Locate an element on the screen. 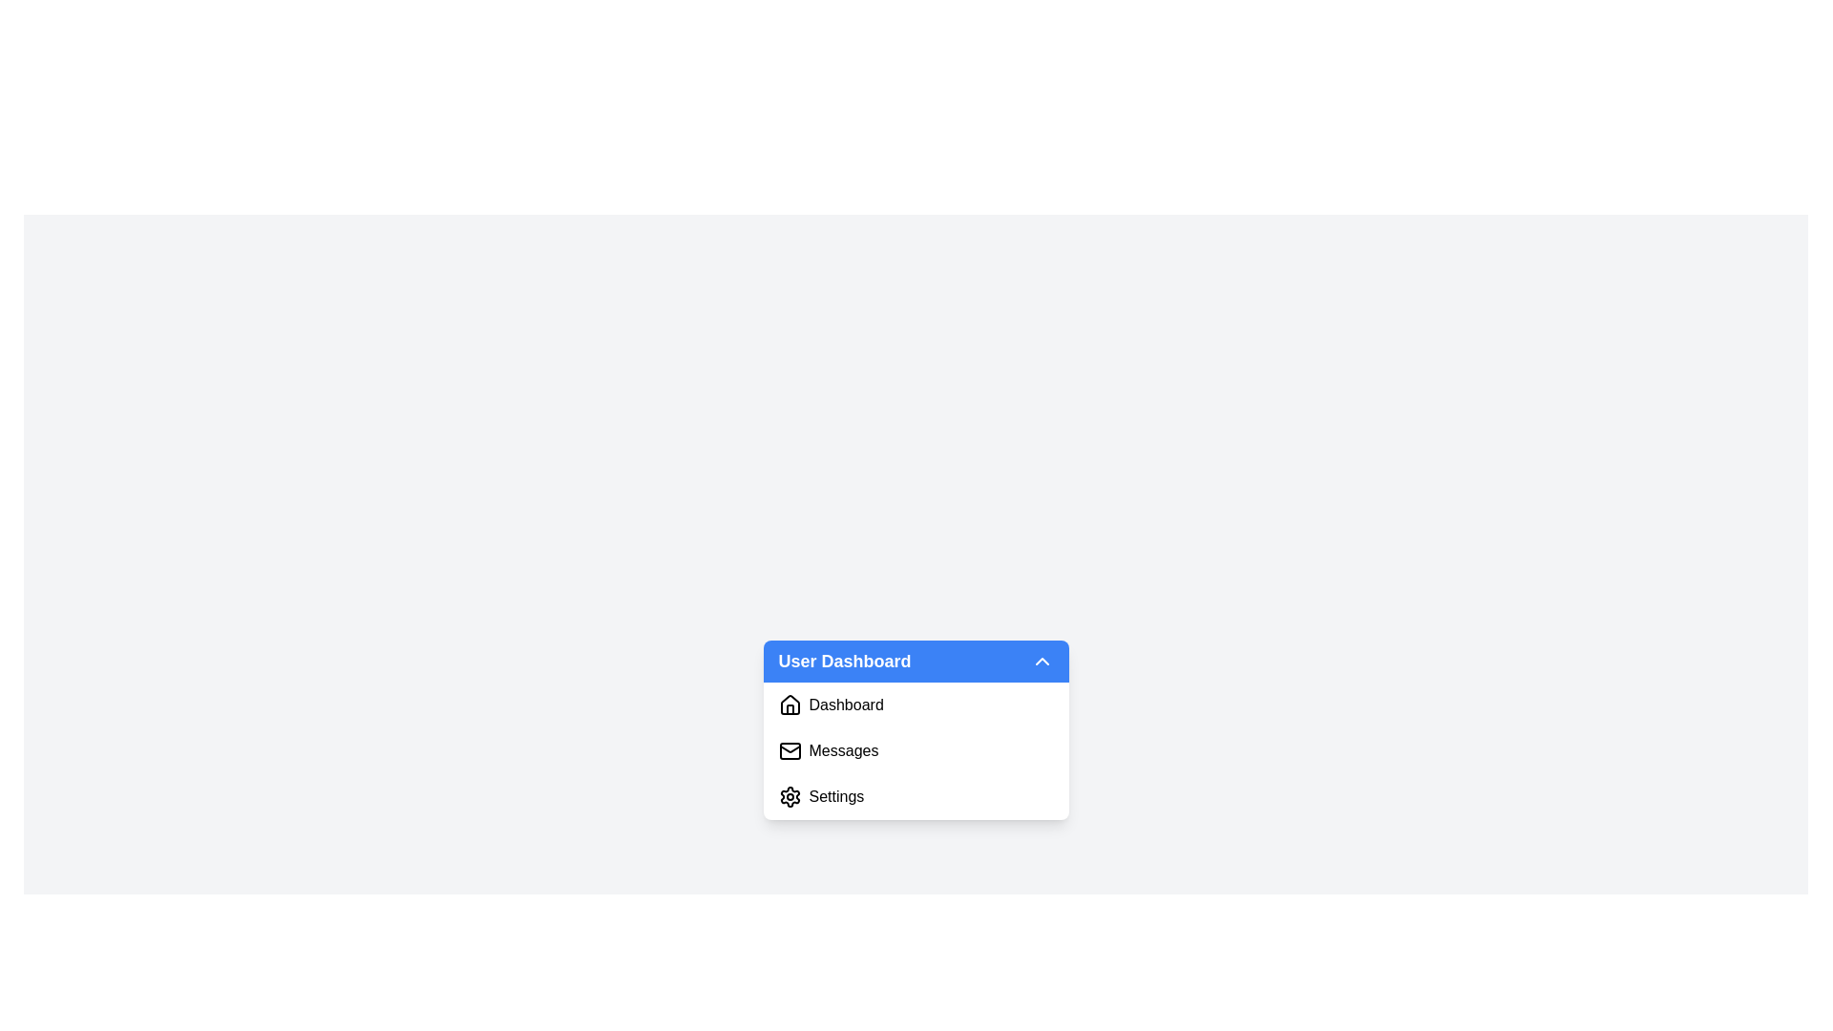 The width and height of the screenshot is (1833, 1031). the black house-shaped icon located next to the 'Dashboard' label in the 'User Dashboard' dropdown menu is located at coordinates (790, 705).